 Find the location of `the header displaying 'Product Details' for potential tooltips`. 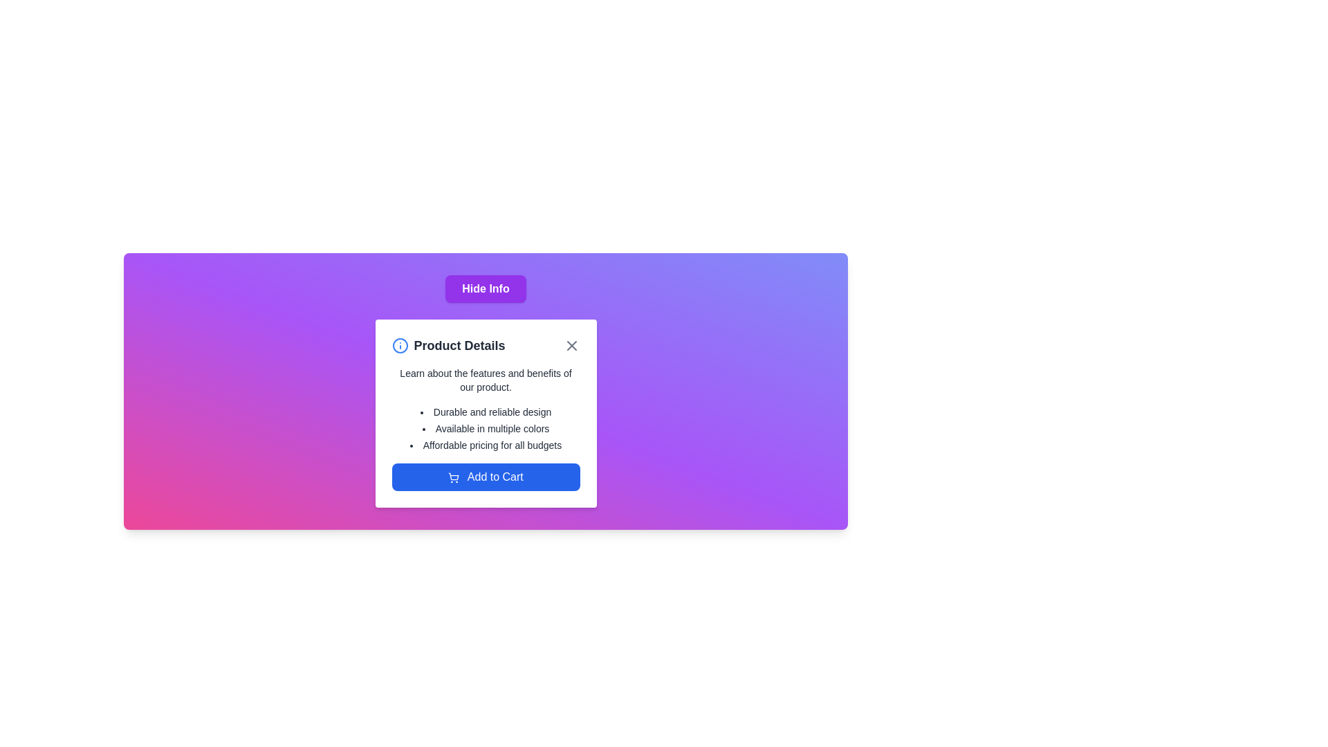

the header displaying 'Product Details' for potential tooltips is located at coordinates (486, 345).